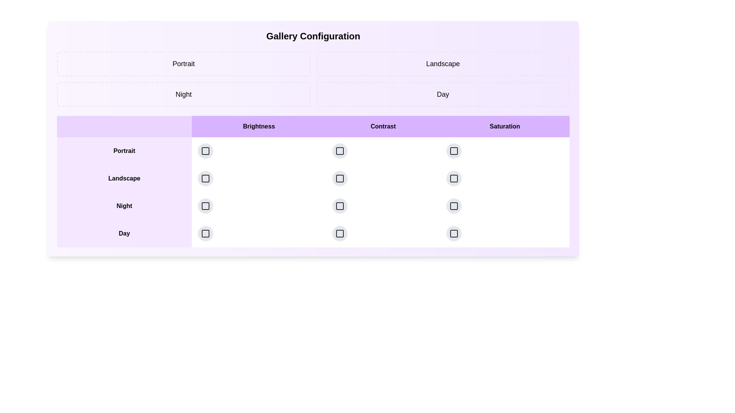 This screenshot has height=413, width=735. What do you see at coordinates (205, 178) in the screenshot?
I see `the interactive button in the 'Brightness' column under the 'Landscape' row` at bounding box center [205, 178].